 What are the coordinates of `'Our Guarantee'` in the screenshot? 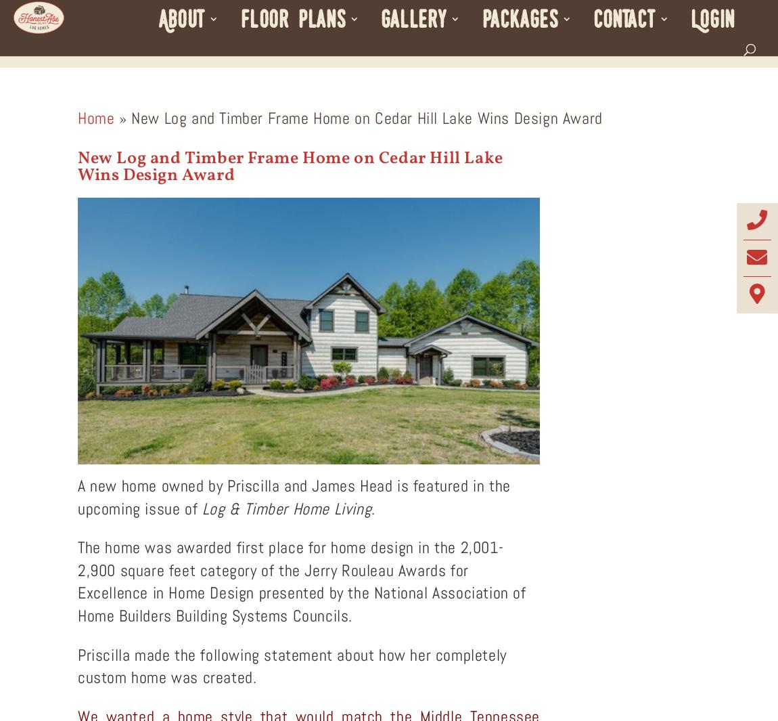 It's located at (543, 194).